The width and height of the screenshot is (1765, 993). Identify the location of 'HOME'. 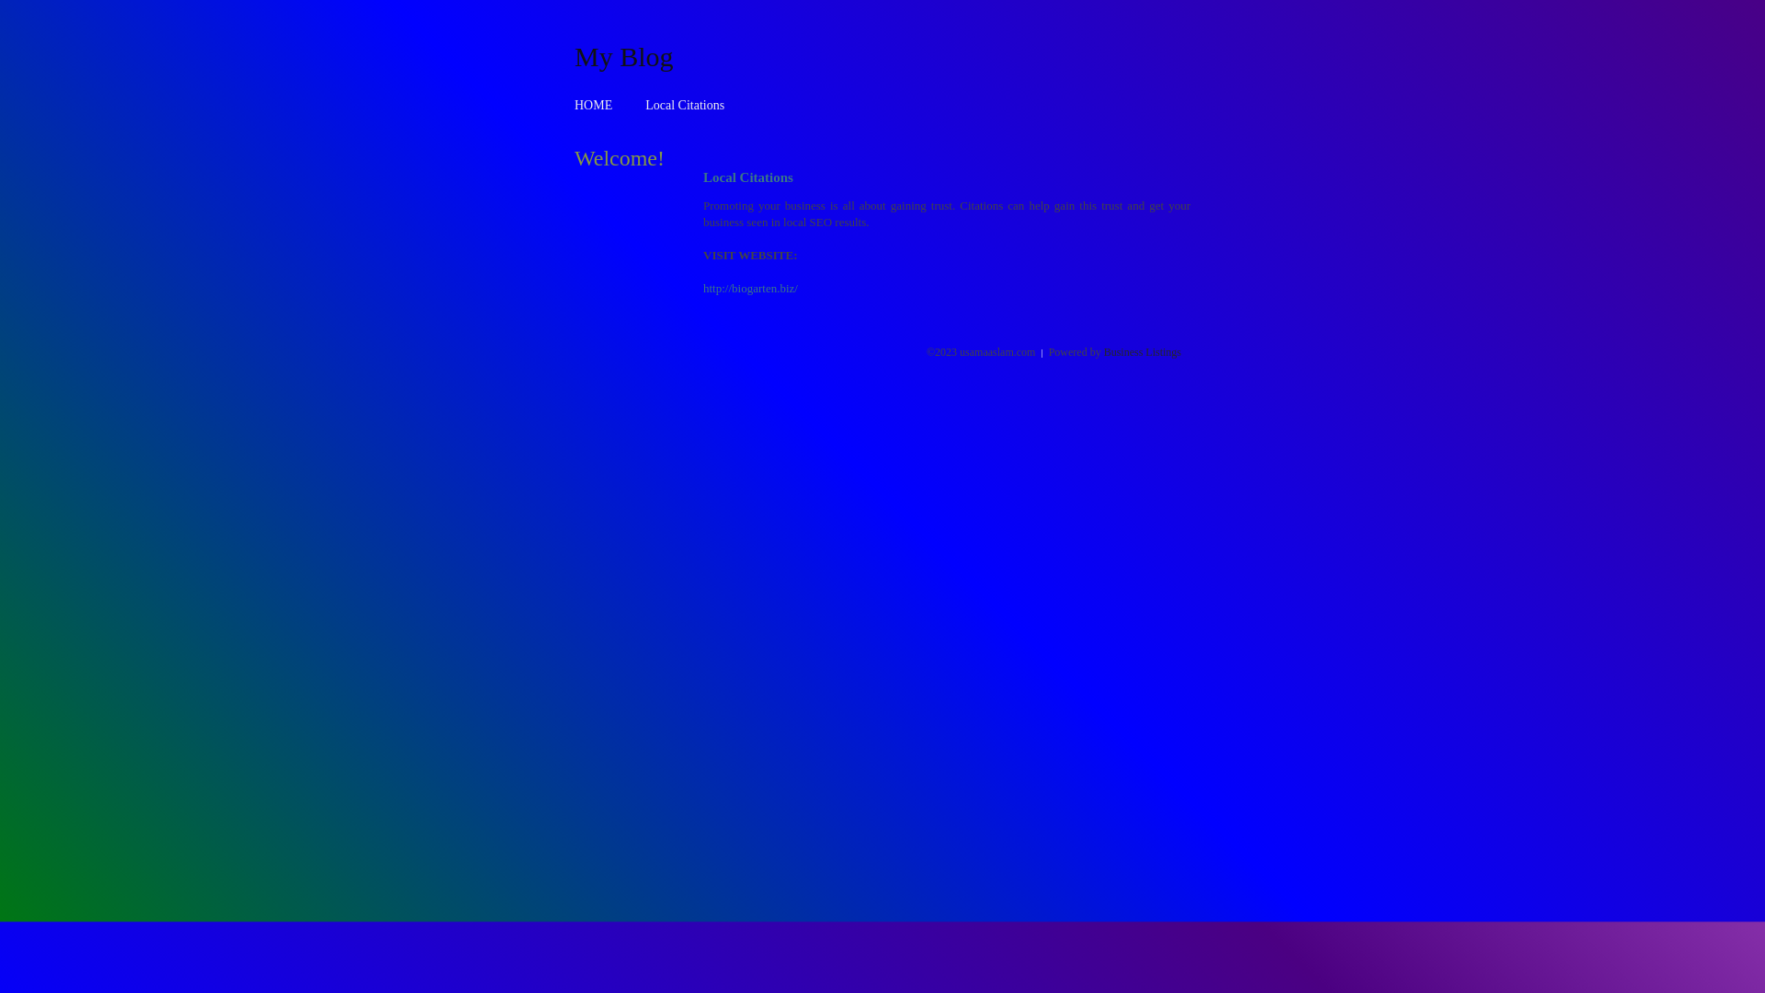
(593, 105).